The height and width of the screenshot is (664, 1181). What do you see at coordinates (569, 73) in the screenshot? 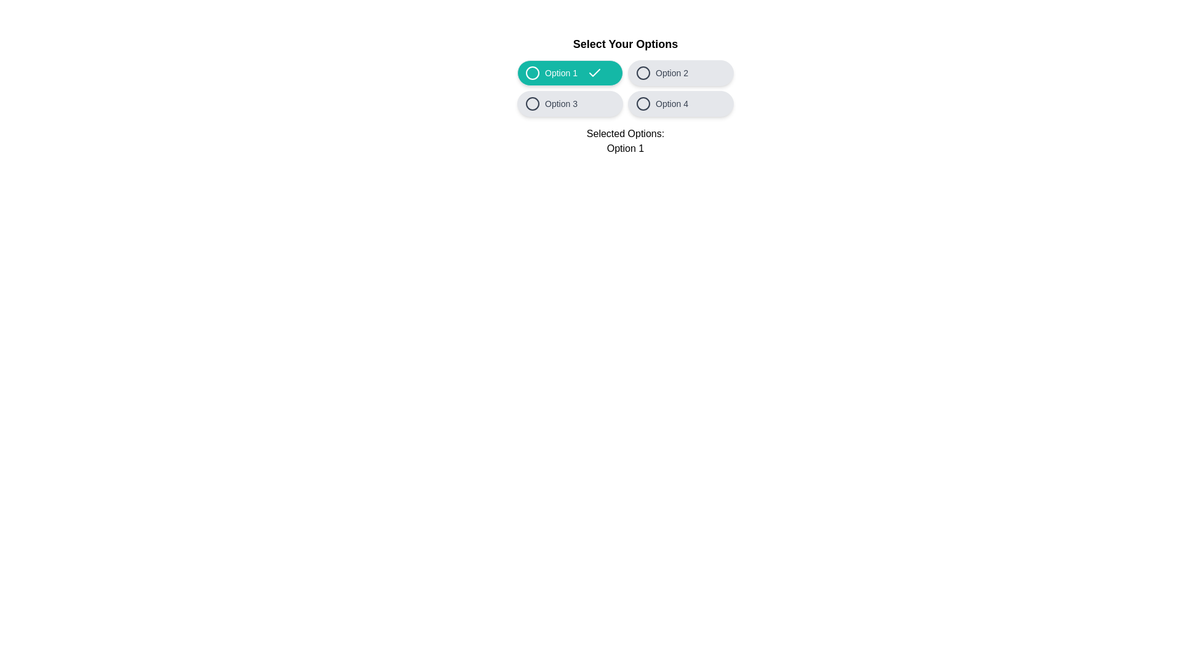
I see `the text of the 'Option 1' button` at bounding box center [569, 73].